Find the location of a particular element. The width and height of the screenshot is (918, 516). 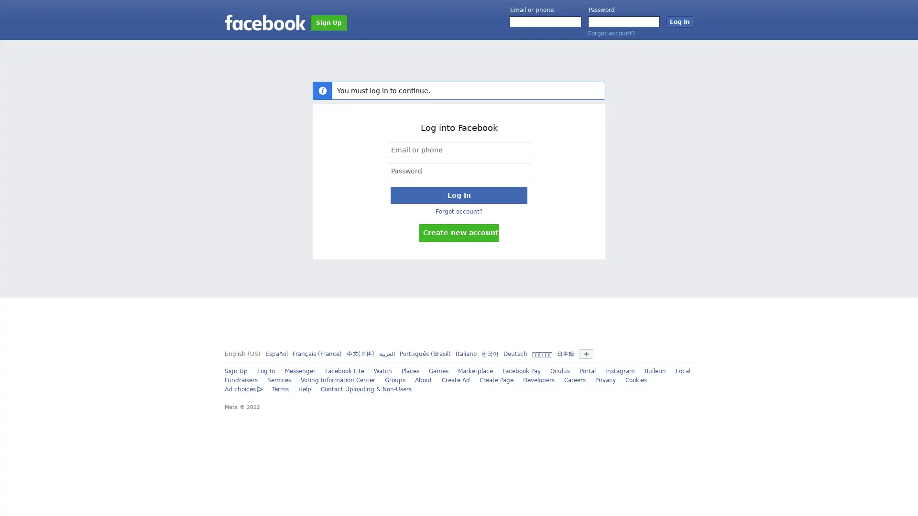

Show more languages is located at coordinates (585, 354).